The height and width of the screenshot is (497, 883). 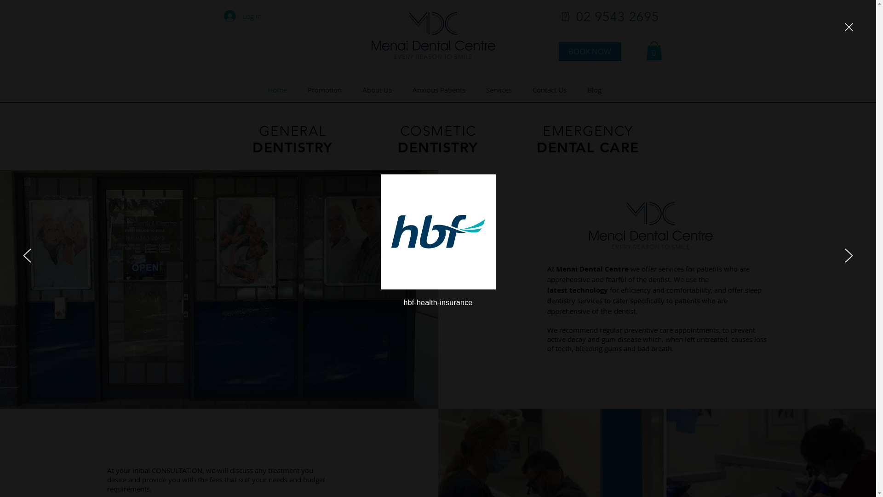 What do you see at coordinates (405, 89) in the screenshot?
I see `'Anxious Patients'` at bounding box center [405, 89].